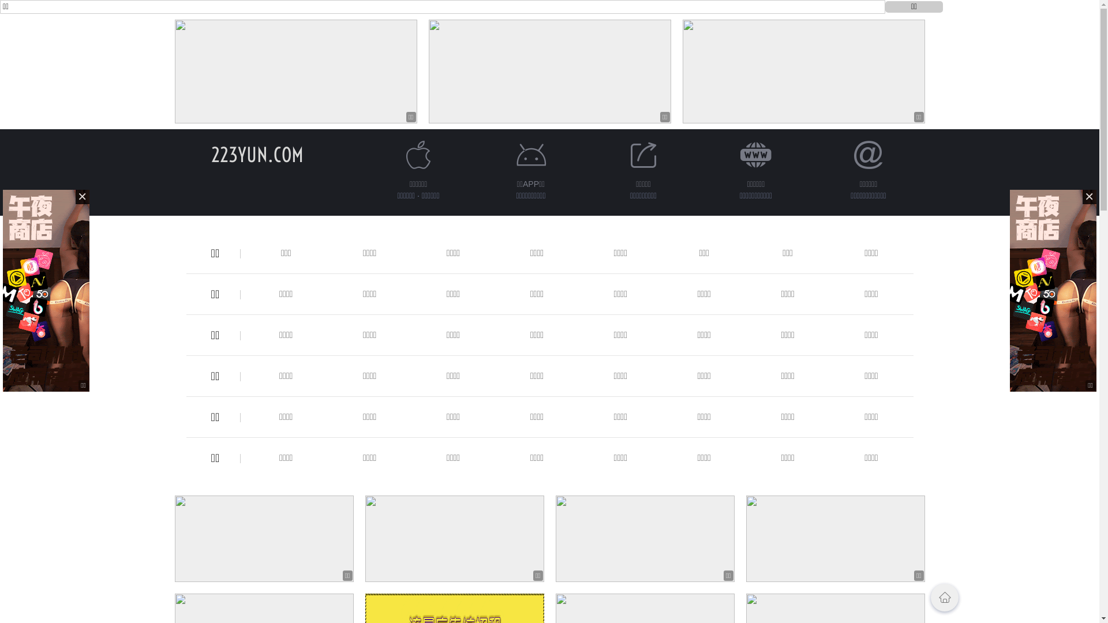 Image resolution: width=1108 pixels, height=623 pixels. Describe the element at coordinates (257, 154) in the screenshot. I see `'223YUN.COM'` at that location.